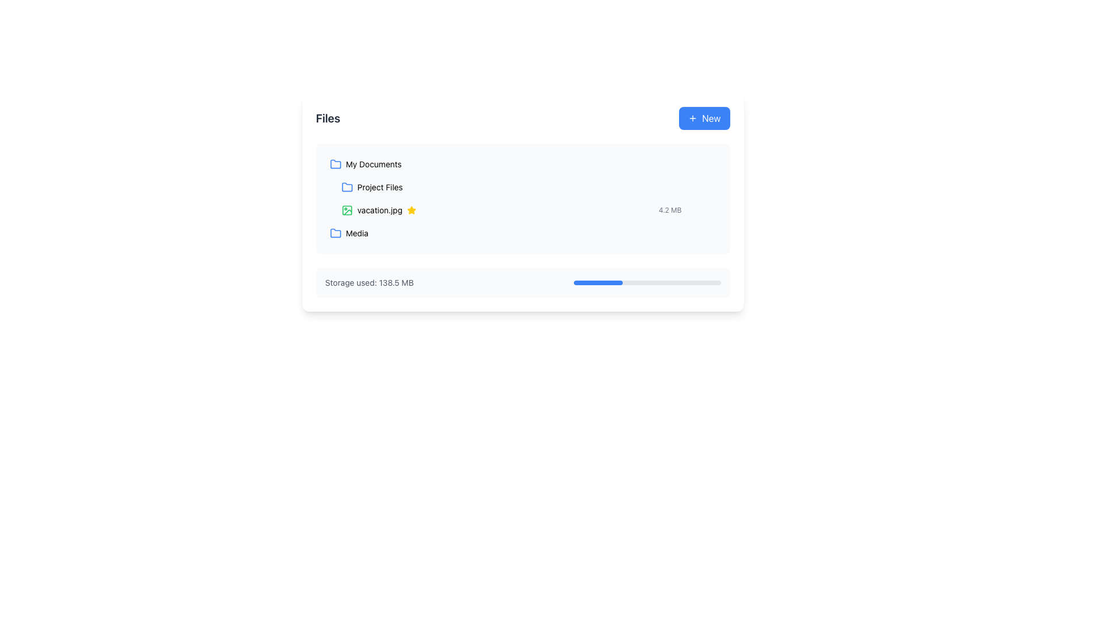 The width and height of the screenshot is (1104, 621). I want to click on the text label displaying 'Storage used: 138.5 MB' located in the left section of the light gray rectangular box near the bottom of the main content area, so click(369, 283).